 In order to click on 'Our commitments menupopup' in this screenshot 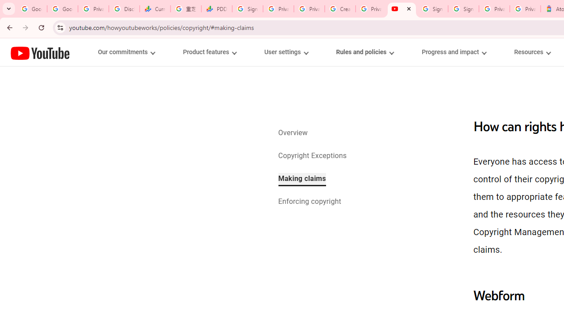, I will do `click(126, 52)`.